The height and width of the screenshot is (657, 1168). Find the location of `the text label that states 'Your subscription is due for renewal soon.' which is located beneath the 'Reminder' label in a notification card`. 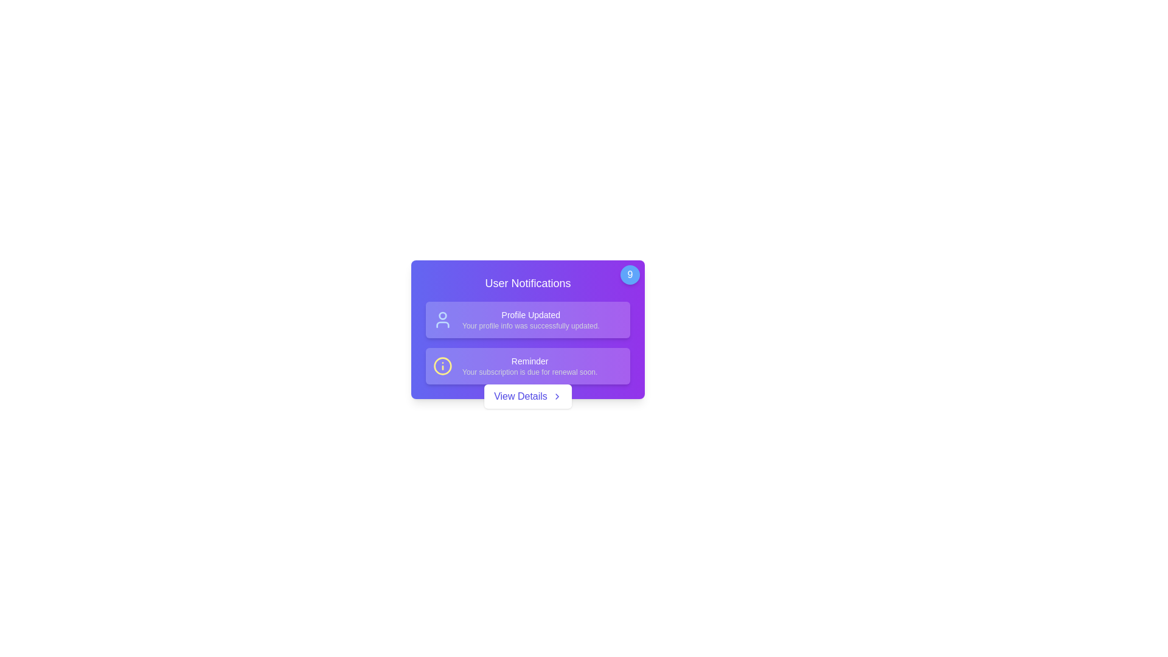

the text label that states 'Your subscription is due for renewal soon.' which is located beneath the 'Reminder' label in a notification card is located at coordinates (530, 372).